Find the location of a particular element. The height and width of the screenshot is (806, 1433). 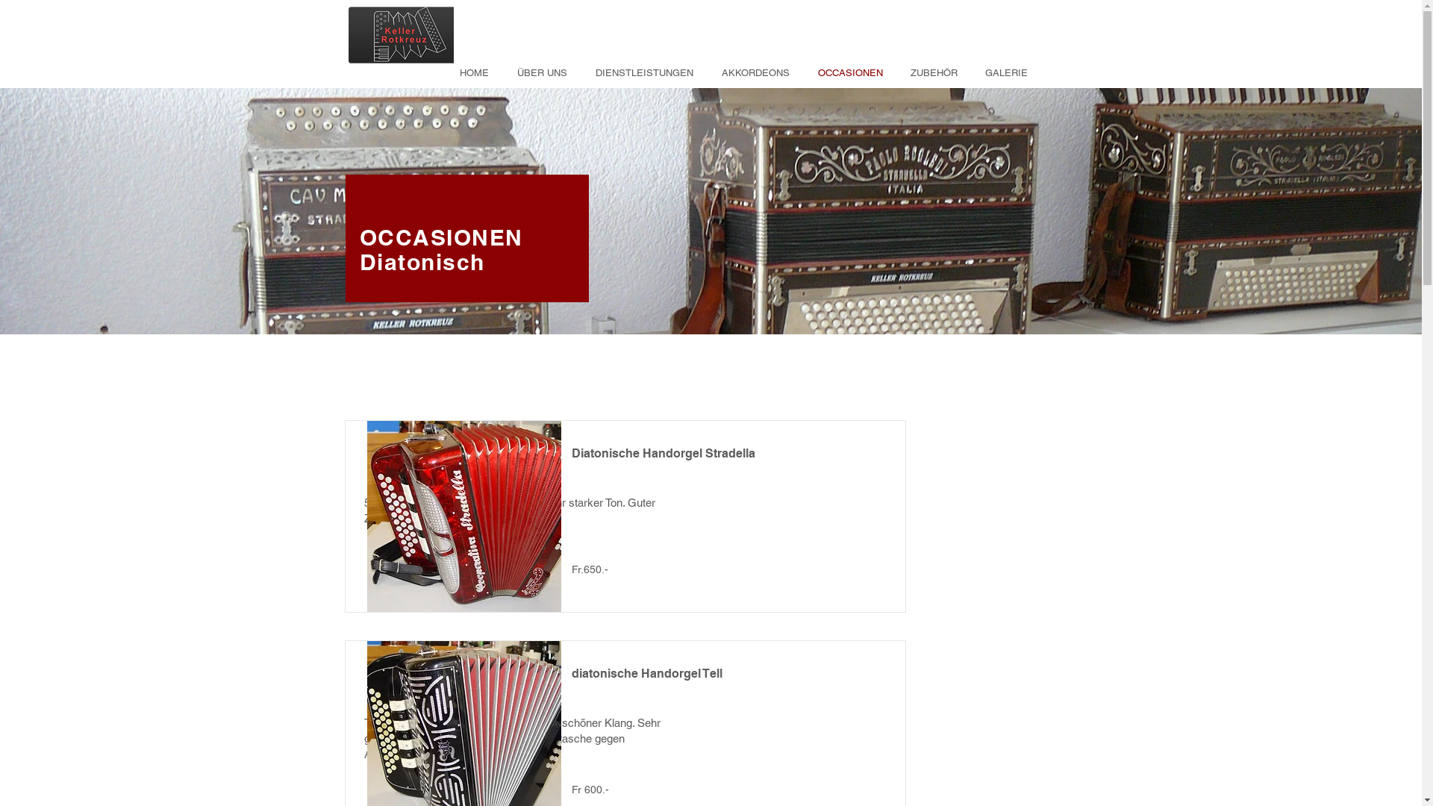

'GALERIE' is located at coordinates (1003, 72).